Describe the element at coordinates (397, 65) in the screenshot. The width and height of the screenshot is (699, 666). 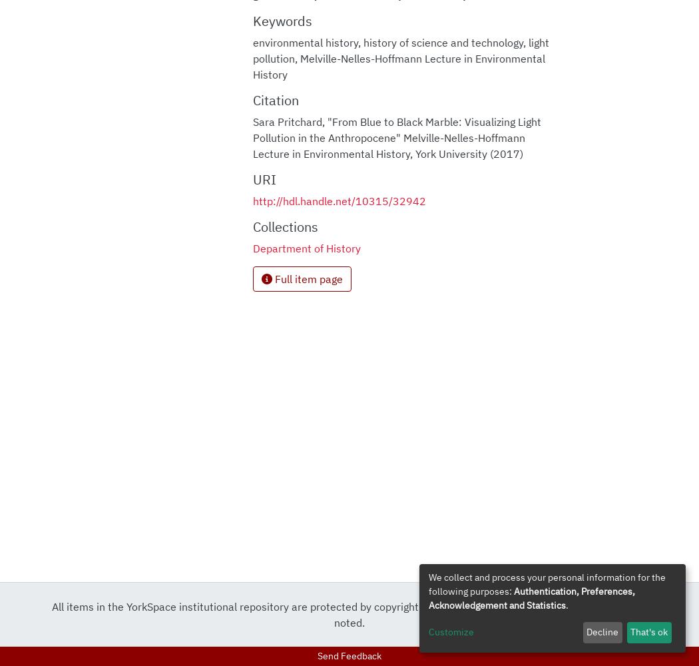
I see `'Melville-Nelles-Hoffmann Lecture in Environmental History'` at that location.